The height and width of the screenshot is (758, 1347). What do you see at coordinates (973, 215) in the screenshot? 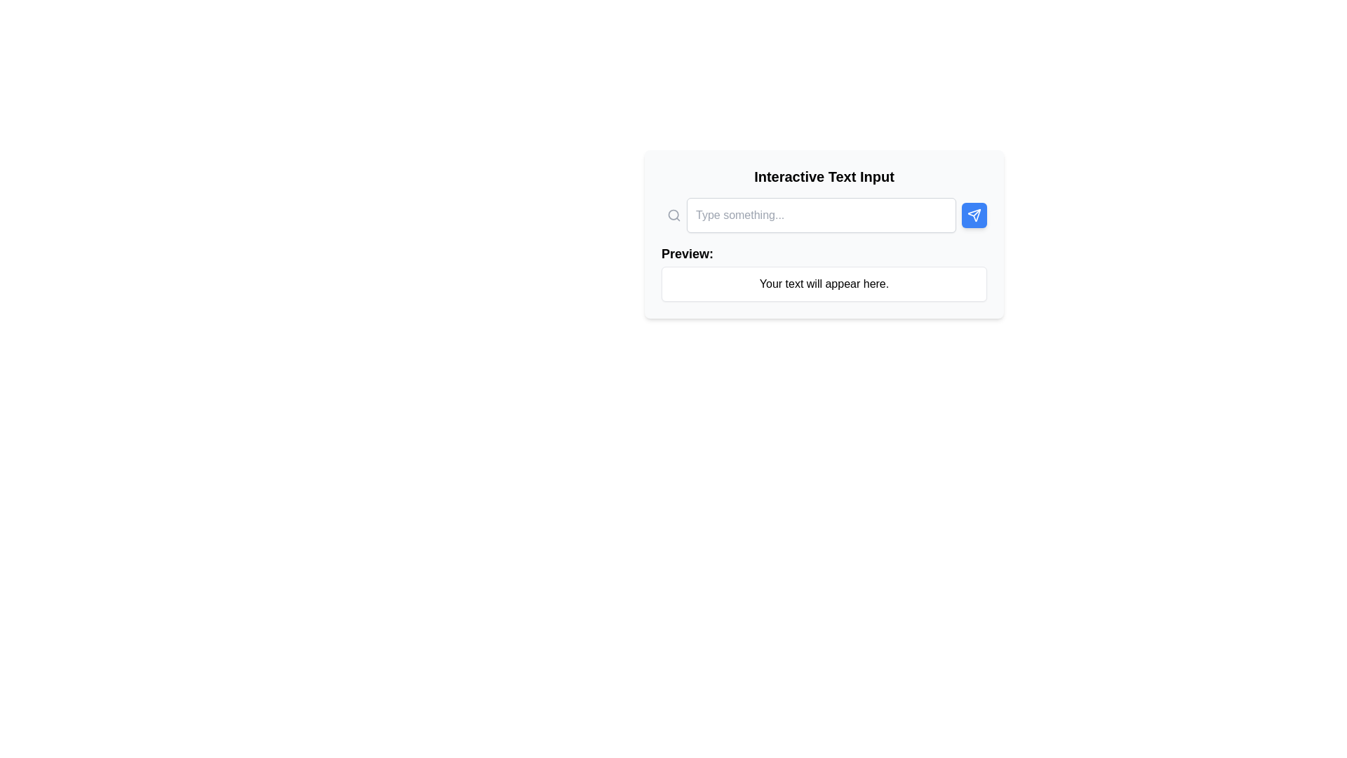
I see `the small blue rectangular button with rounded corners featuring a white paper plane icon in the center` at bounding box center [973, 215].